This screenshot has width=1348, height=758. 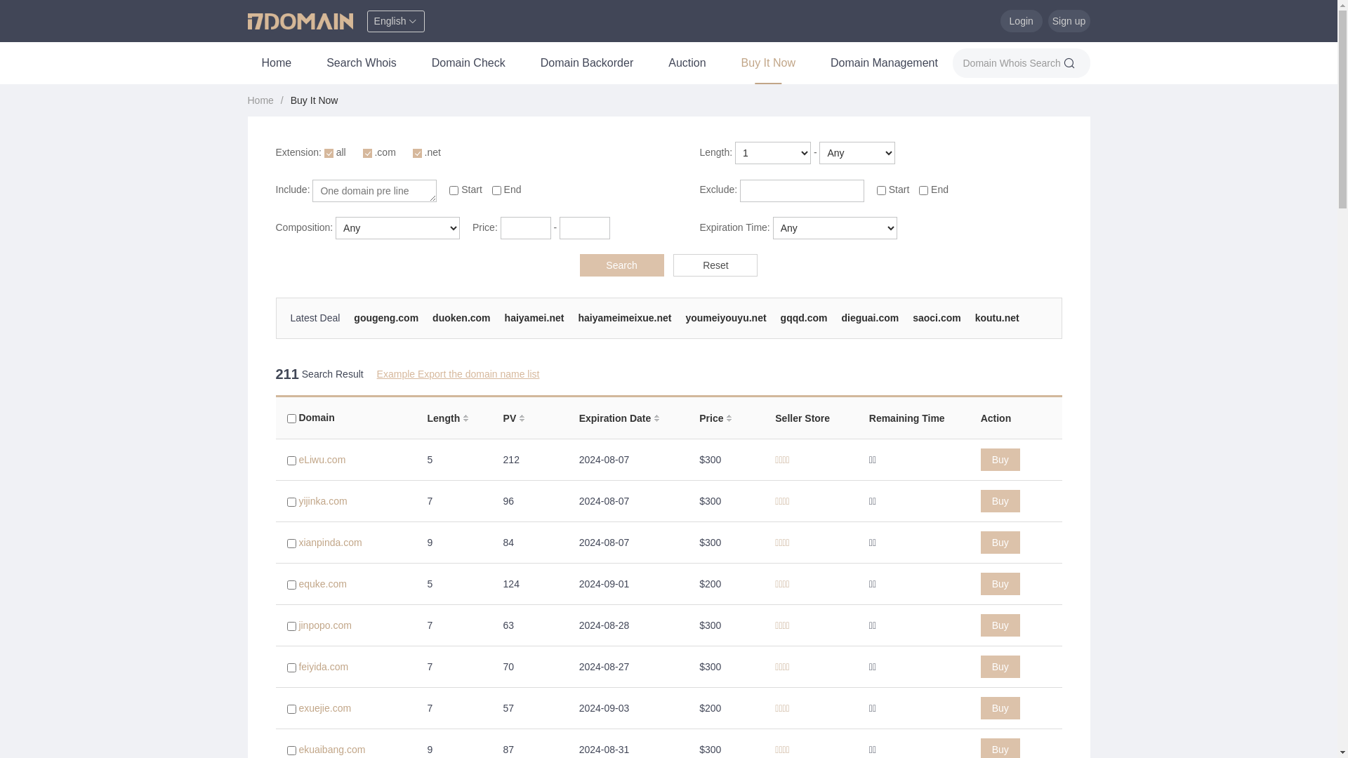 What do you see at coordinates (322, 584) in the screenshot?
I see `'equke.com'` at bounding box center [322, 584].